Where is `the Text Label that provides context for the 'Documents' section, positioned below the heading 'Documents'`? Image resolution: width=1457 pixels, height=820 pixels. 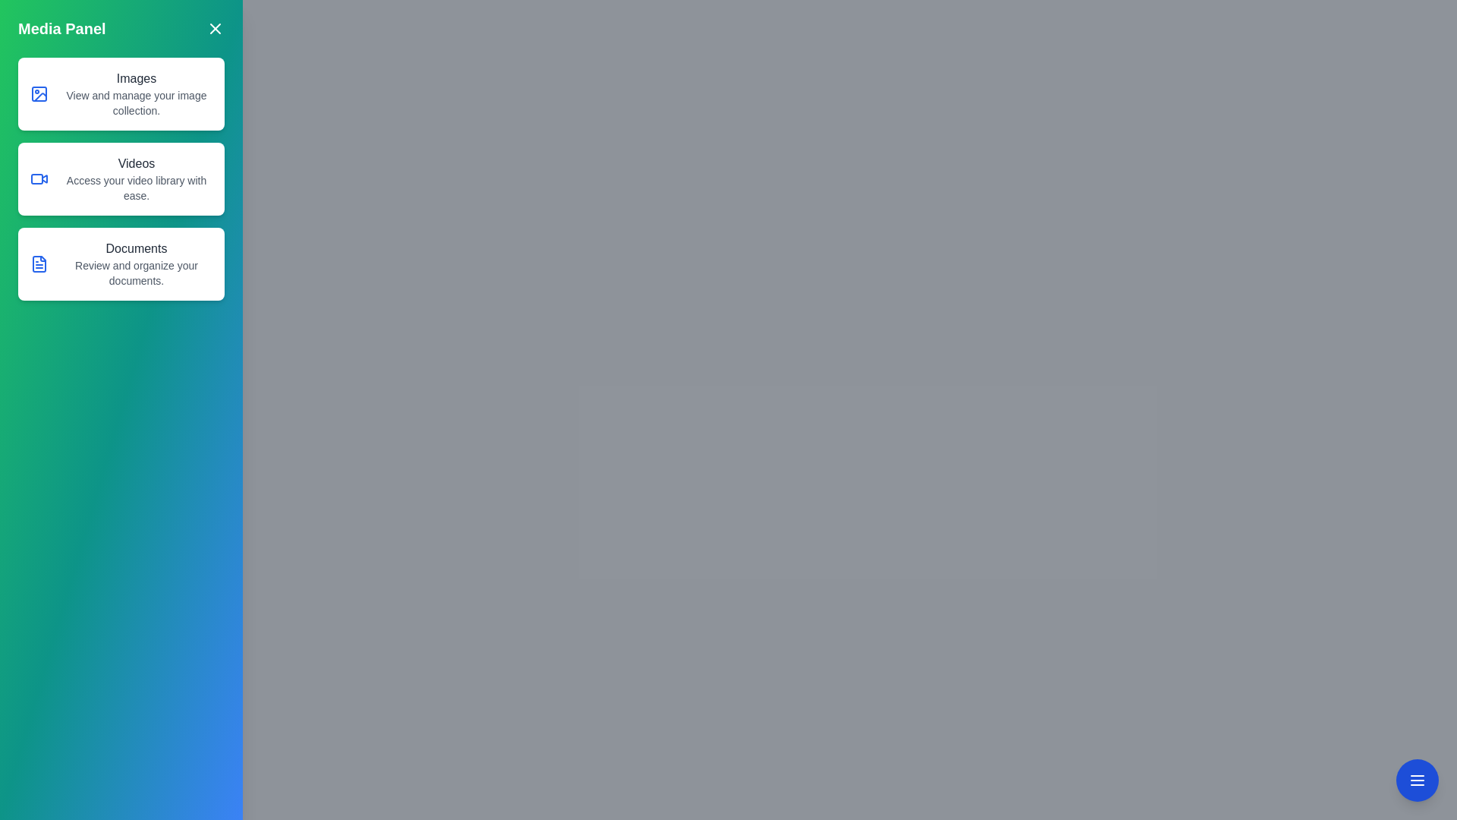
the Text Label that provides context for the 'Documents' section, positioned below the heading 'Documents' is located at coordinates (137, 272).